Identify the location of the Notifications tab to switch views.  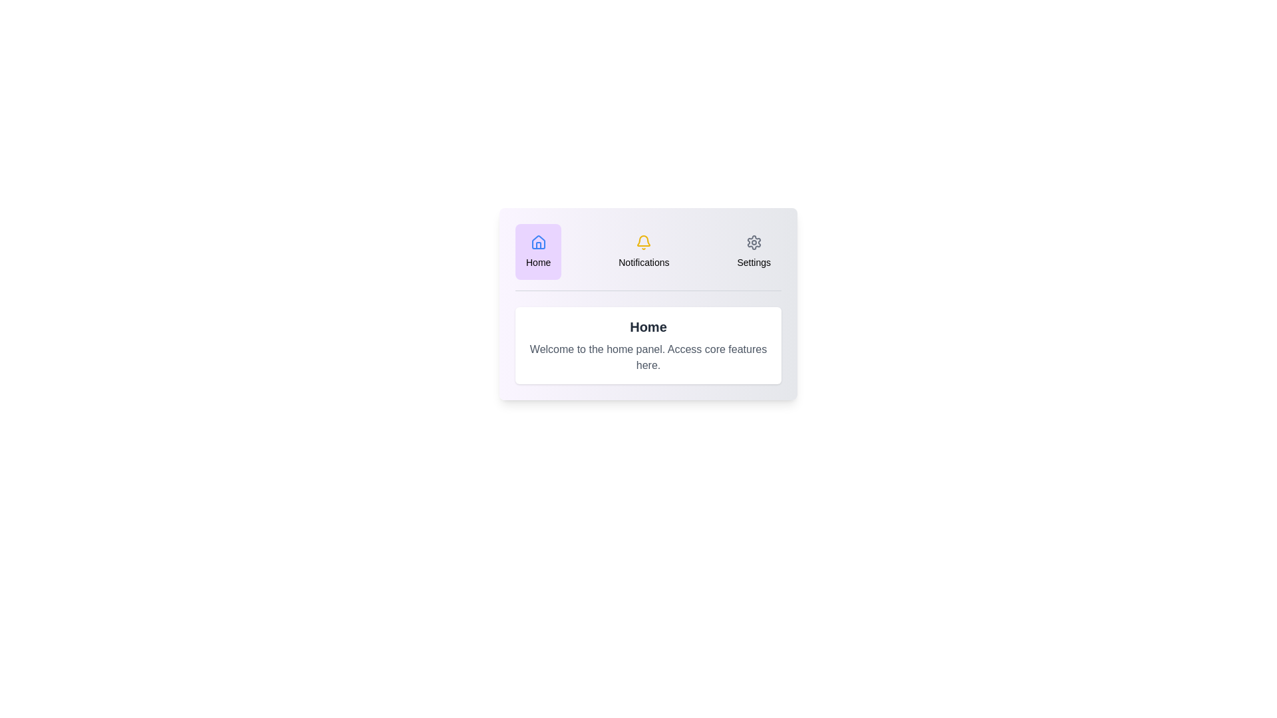
(644, 251).